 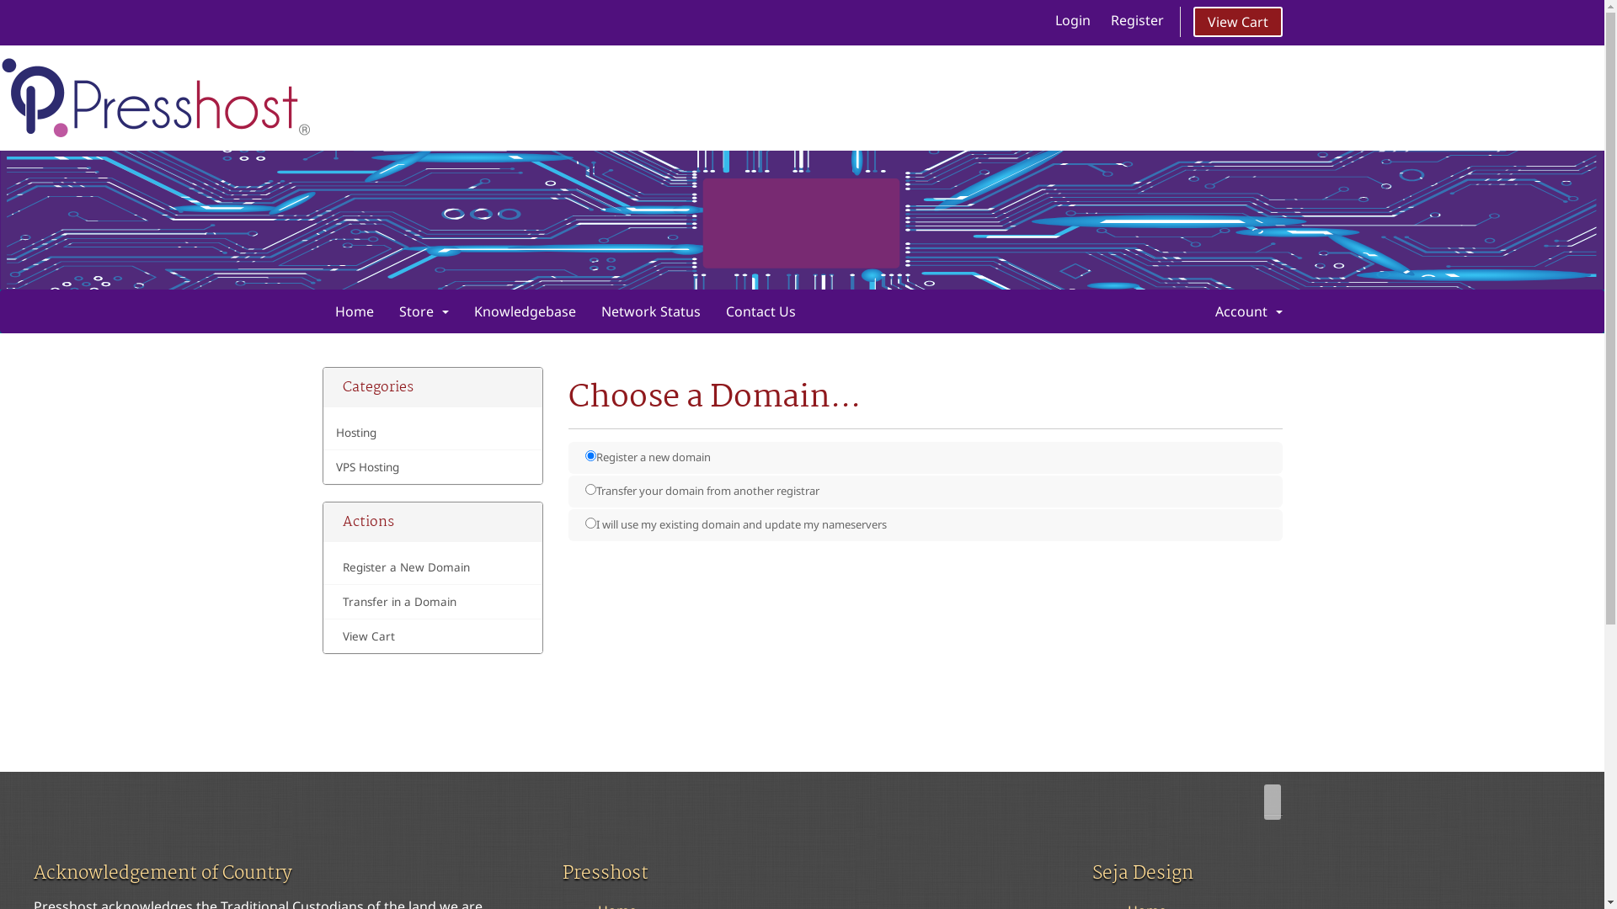 What do you see at coordinates (433, 601) in the screenshot?
I see `'  Transfer in a Domain'` at bounding box center [433, 601].